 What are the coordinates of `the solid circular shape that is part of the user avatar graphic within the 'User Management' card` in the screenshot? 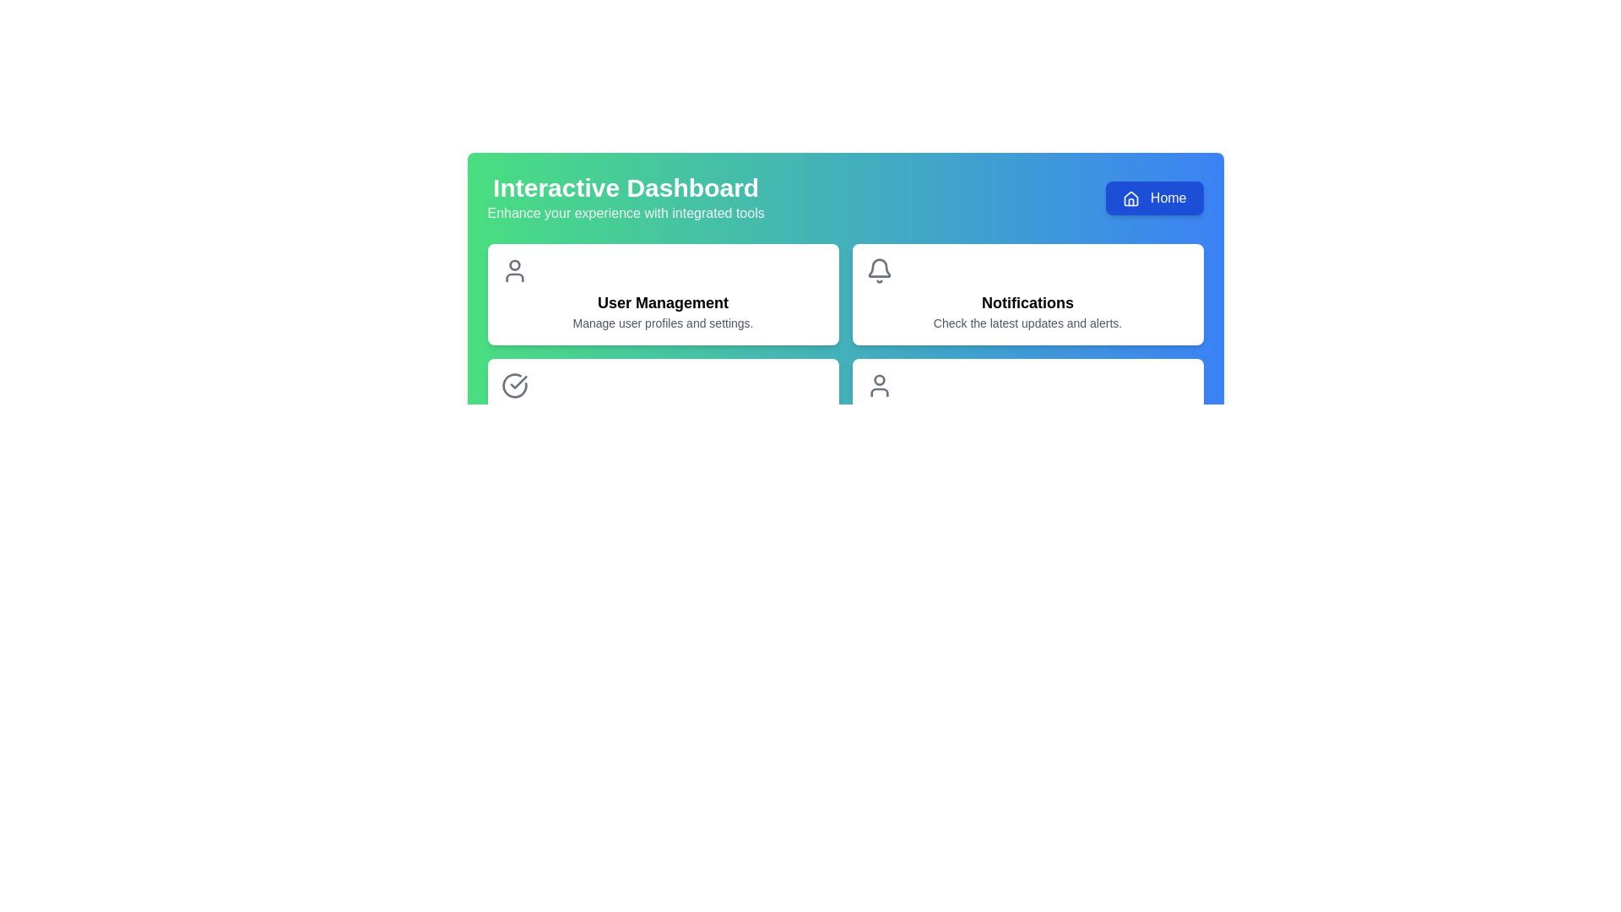 It's located at (513, 265).